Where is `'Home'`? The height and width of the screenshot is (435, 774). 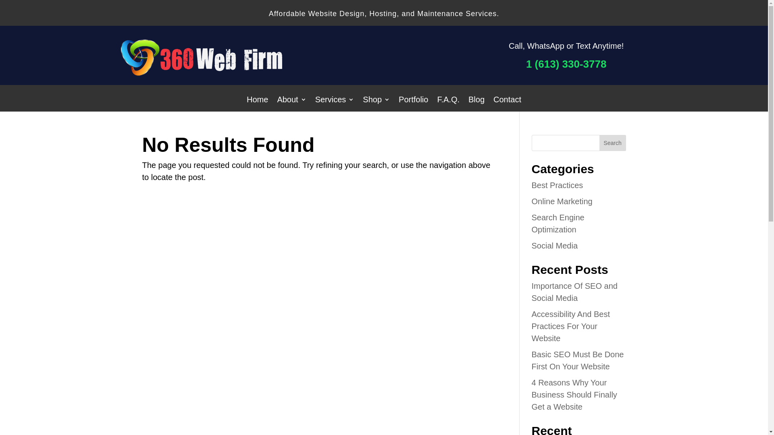
'Home' is located at coordinates (257, 100).